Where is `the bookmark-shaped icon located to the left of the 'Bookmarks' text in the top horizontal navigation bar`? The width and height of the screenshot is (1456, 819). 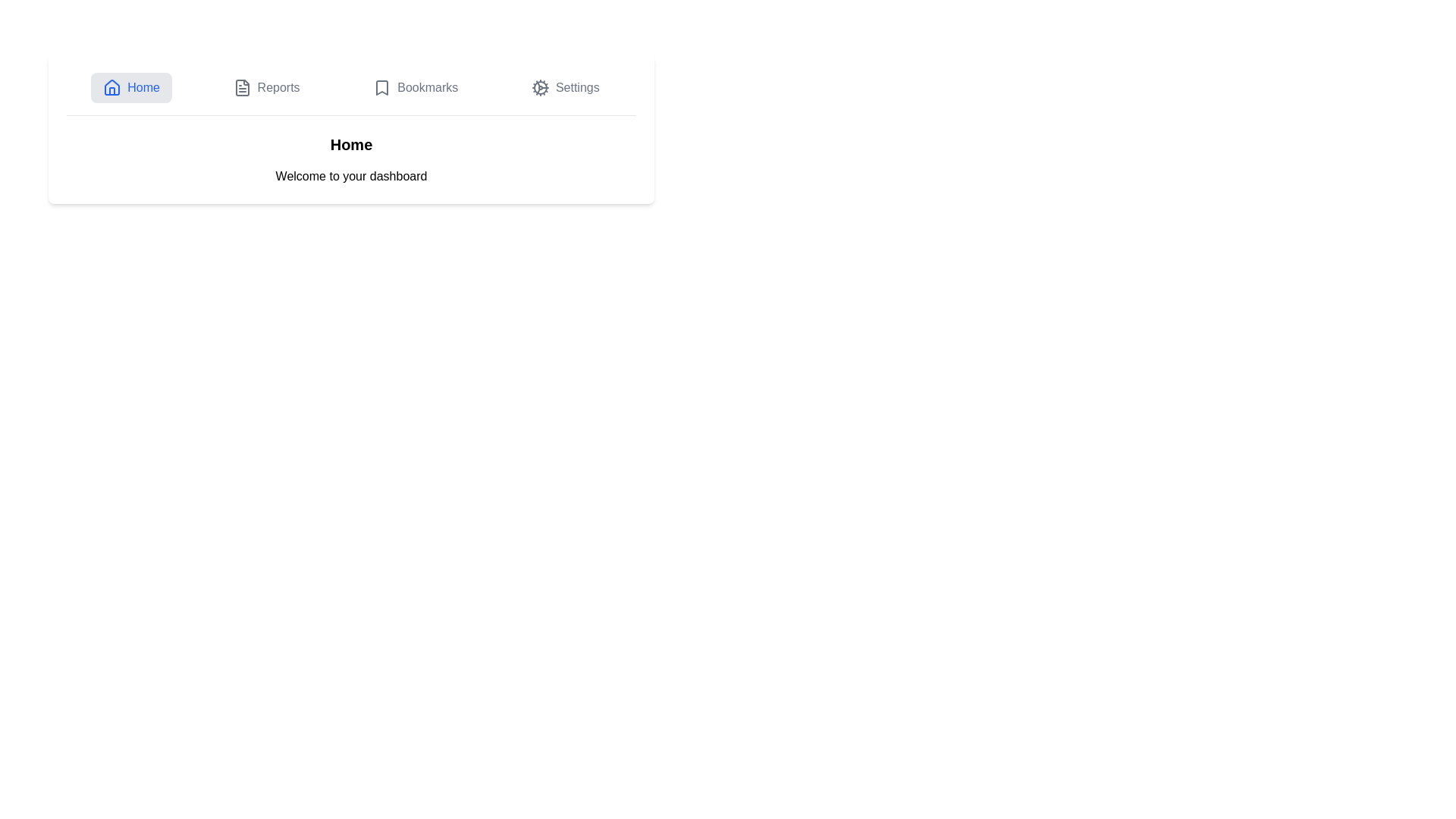
the bookmark-shaped icon located to the left of the 'Bookmarks' text in the top horizontal navigation bar is located at coordinates (382, 87).